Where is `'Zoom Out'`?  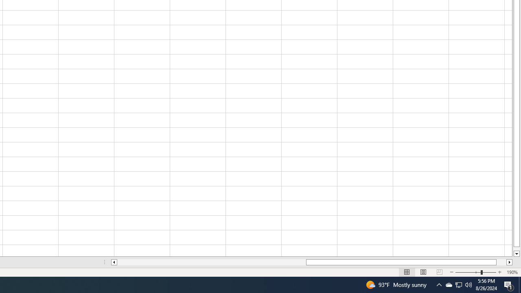
'Zoom Out' is located at coordinates (468, 272).